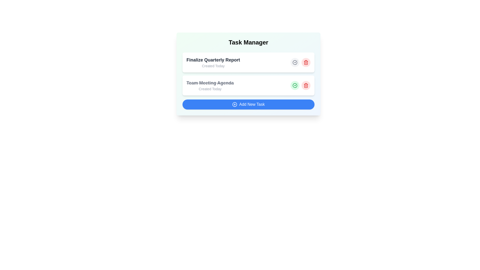 The height and width of the screenshot is (270, 480). I want to click on delete button for the task titled 'Finalize Quarterly Report', so click(306, 62).